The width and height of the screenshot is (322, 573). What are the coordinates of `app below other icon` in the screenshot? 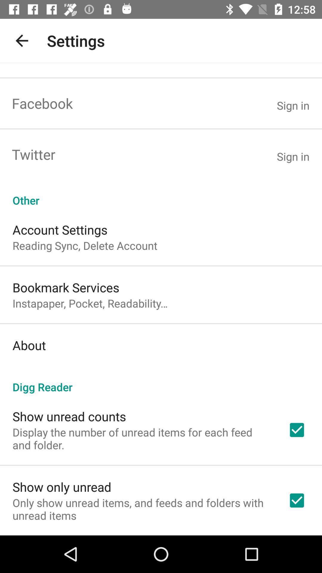 It's located at (60, 229).